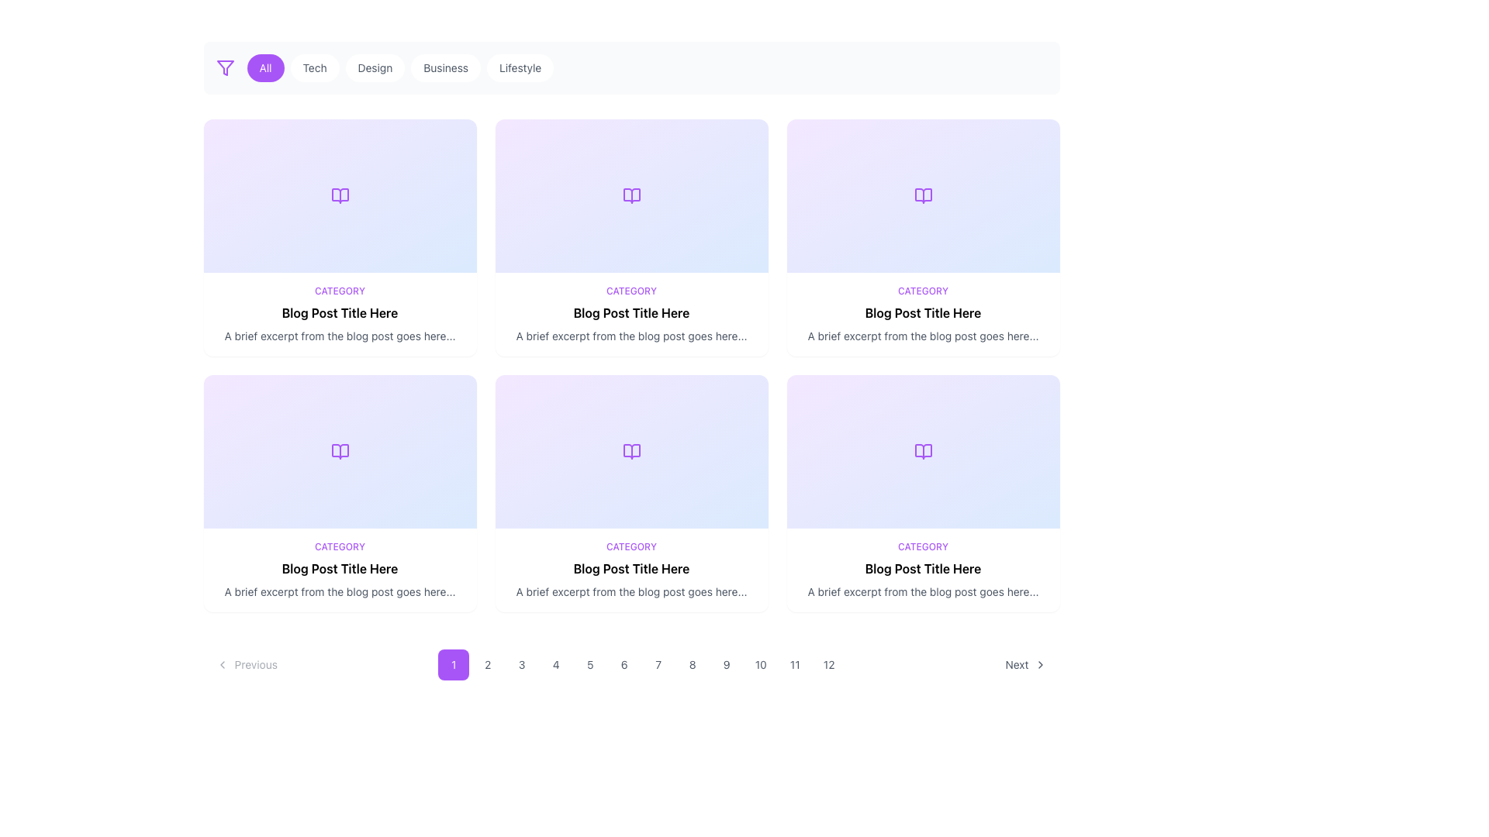 This screenshot has width=1489, height=837. Describe the element at coordinates (658, 663) in the screenshot. I see `the button labeled '7', which is a small square button with a rounded border and a light gray background, located between the '6' and '8' buttons` at that location.